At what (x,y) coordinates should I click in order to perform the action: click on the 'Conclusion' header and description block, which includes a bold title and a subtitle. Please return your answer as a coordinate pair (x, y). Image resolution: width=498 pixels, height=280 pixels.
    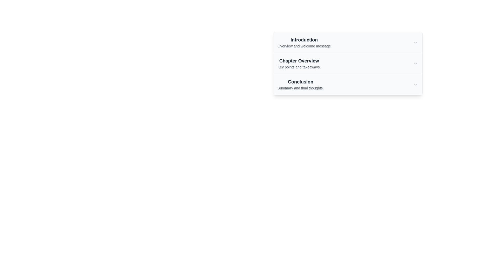
    Looking at the image, I should click on (301, 84).